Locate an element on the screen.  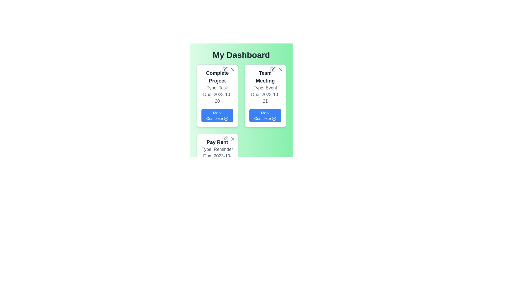
the text label indicating the due date associated with the task in the 'Complete Project' card, located below 'Type: Task' and above 'Mark Complete' is located at coordinates (217, 98).